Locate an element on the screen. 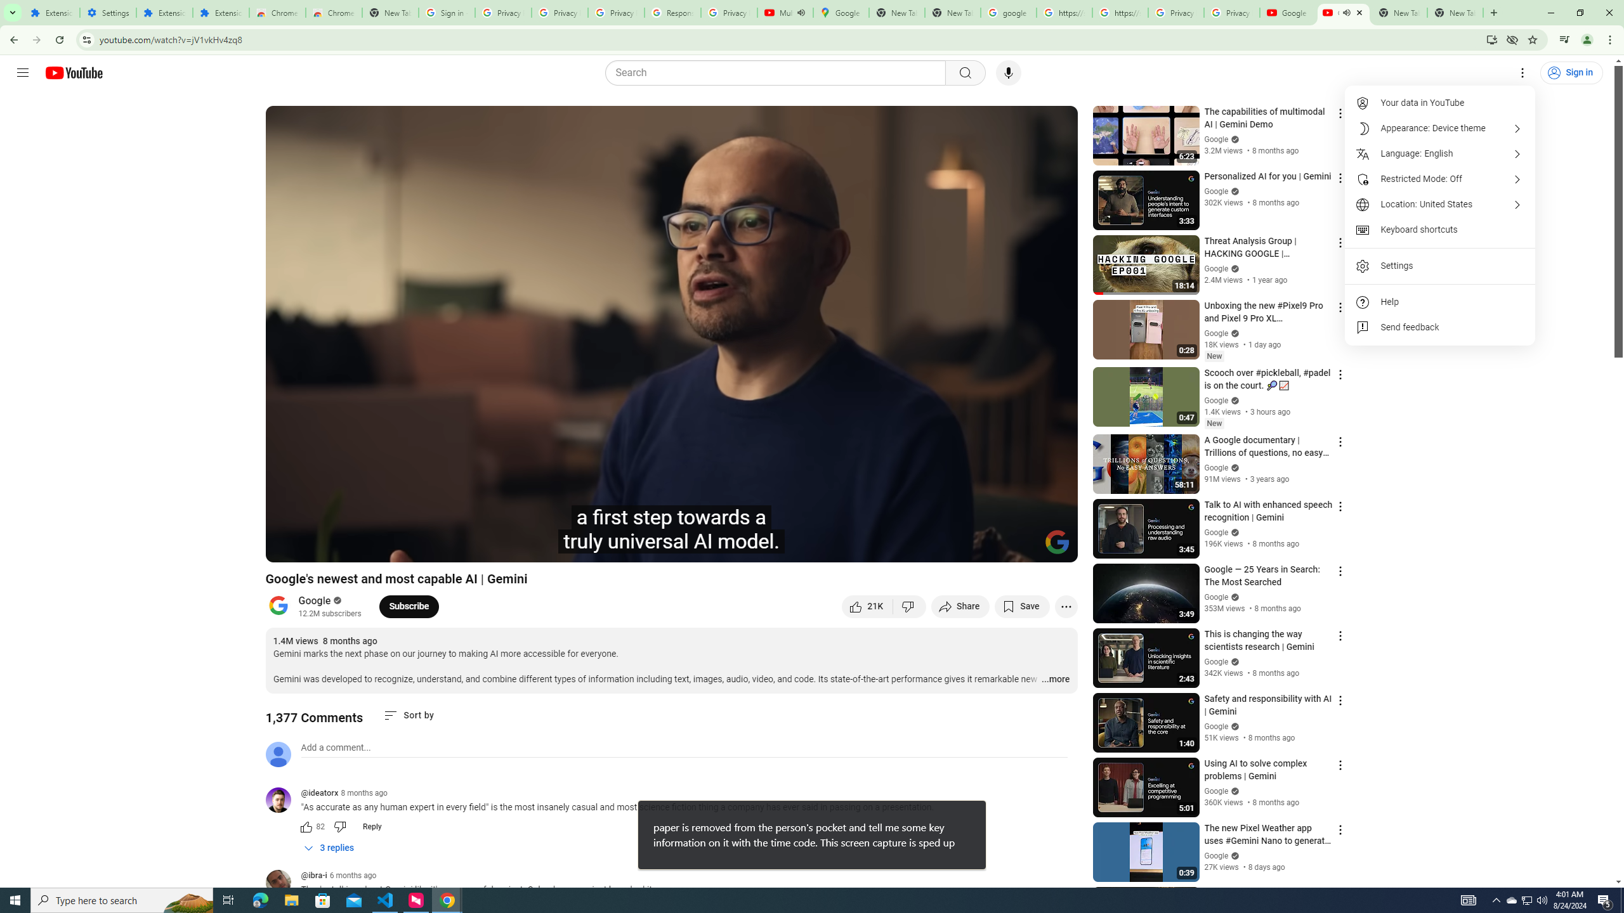  '6 months ago' is located at coordinates (352, 874).